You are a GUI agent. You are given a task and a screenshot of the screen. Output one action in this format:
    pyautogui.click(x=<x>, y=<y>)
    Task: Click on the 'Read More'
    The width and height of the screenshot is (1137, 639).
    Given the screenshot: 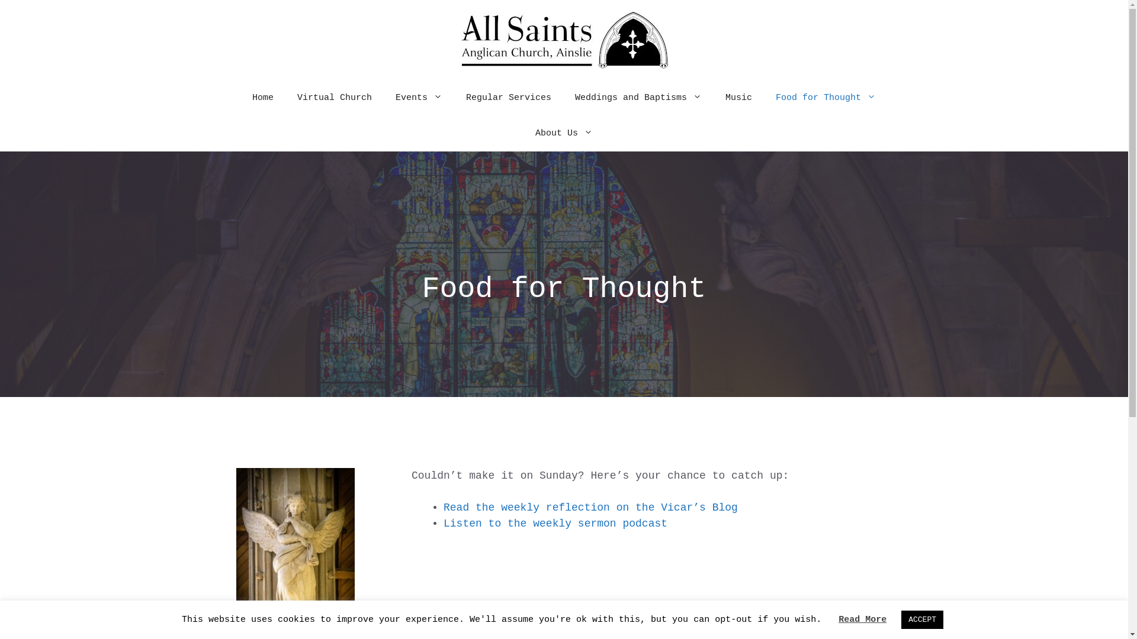 What is the action you would take?
    pyautogui.click(x=862, y=619)
    